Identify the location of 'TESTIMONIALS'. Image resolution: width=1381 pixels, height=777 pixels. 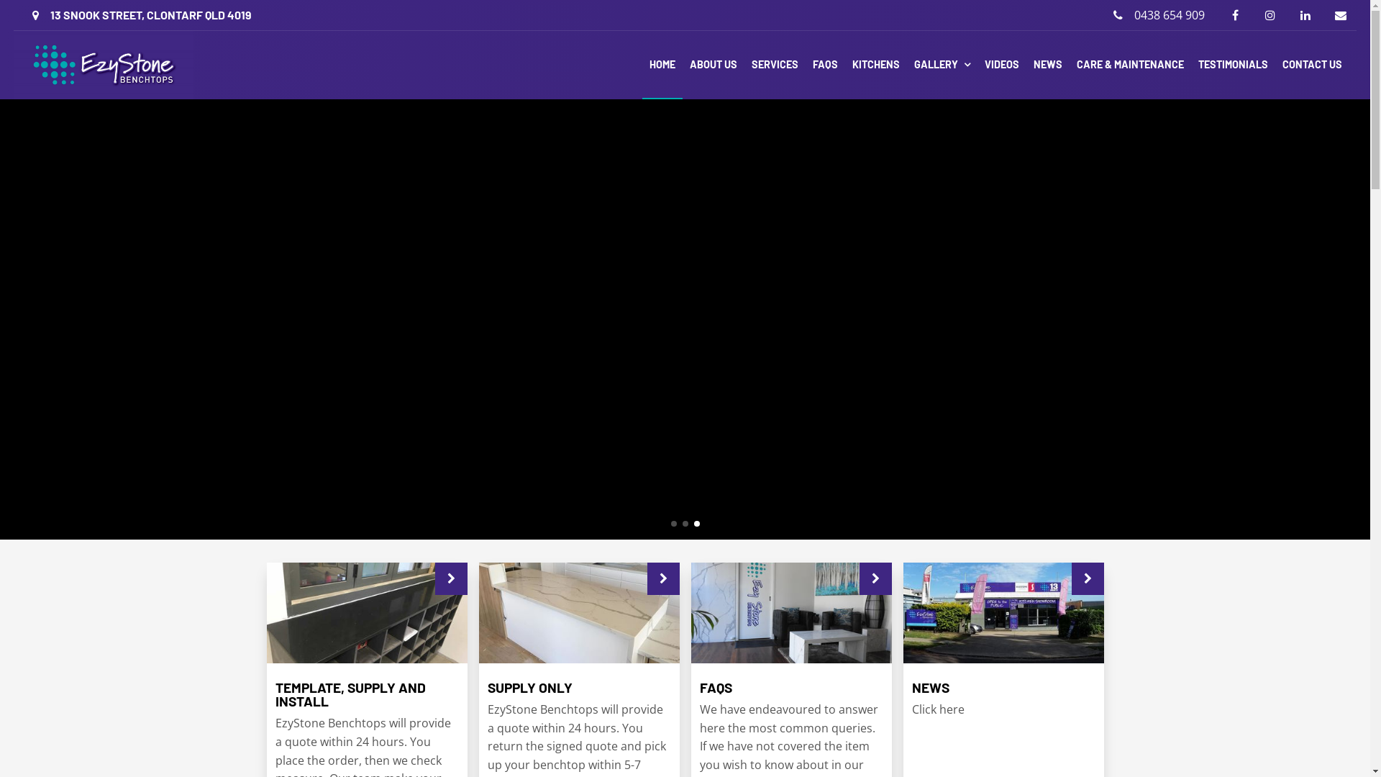
(1232, 65).